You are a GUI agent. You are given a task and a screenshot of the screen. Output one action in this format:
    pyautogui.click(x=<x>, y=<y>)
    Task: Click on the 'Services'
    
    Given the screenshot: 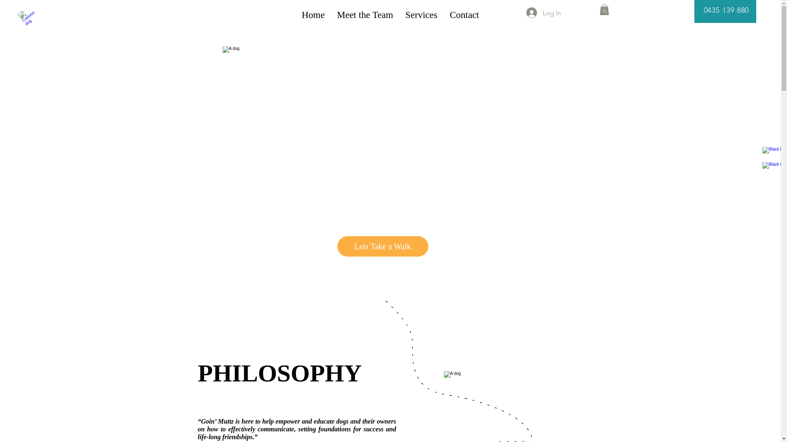 What is the action you would take?
    pyautogui.click(x=399, y=15)
    